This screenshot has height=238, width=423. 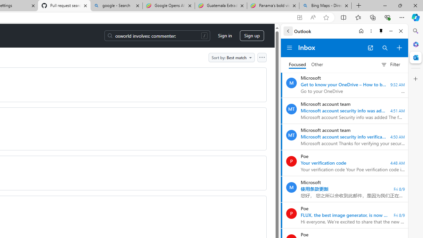 What do you see at coordinates (225, 36) in the screenshot?
I see `'Sign in'` at bounding box center [225, 36].